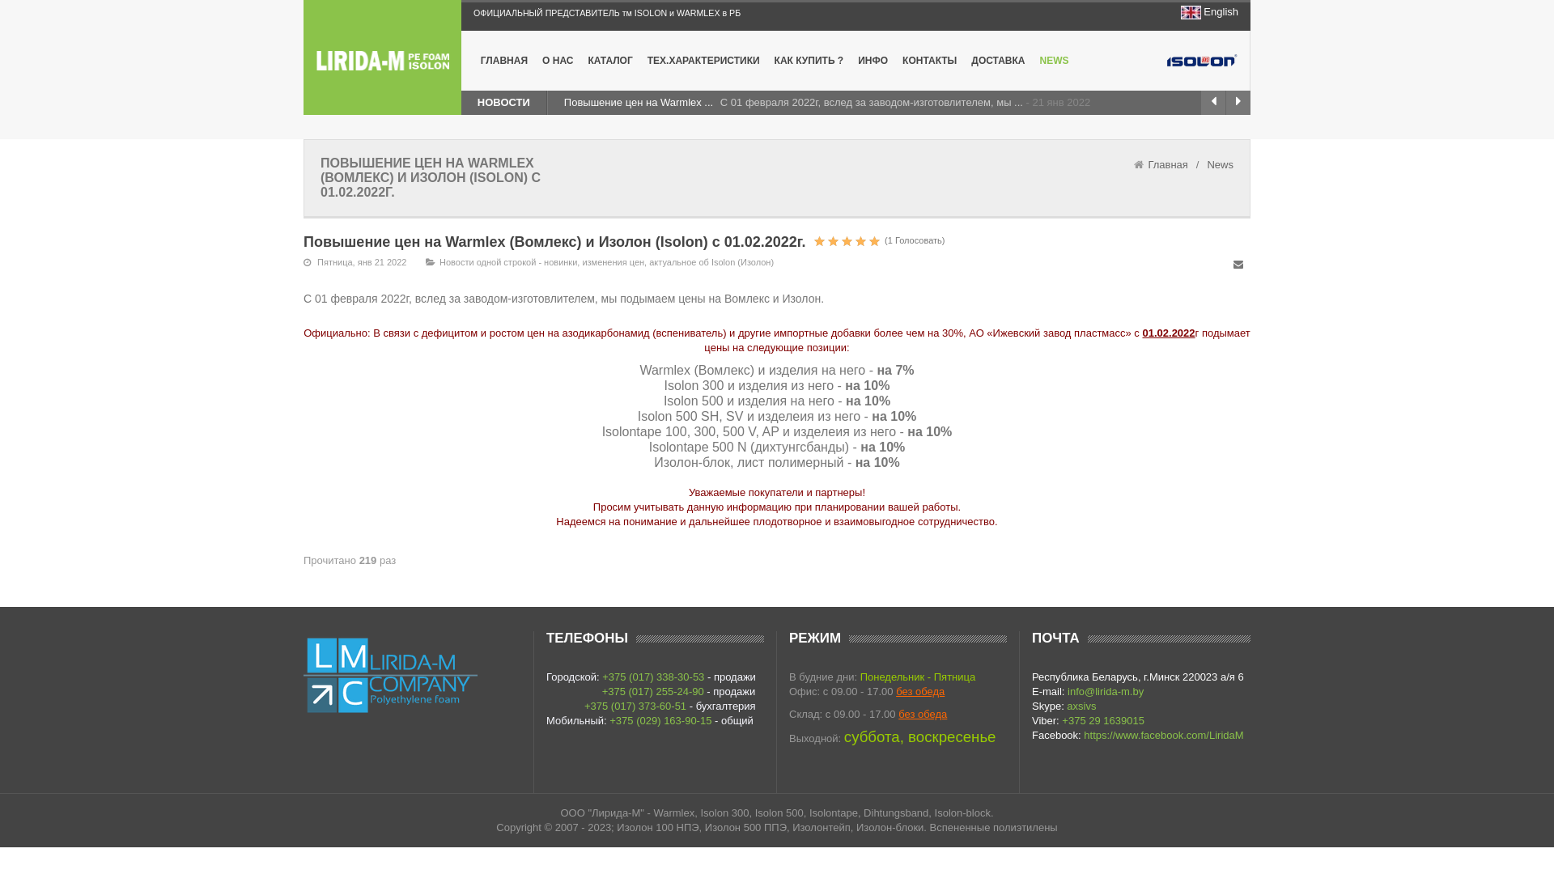 The width and height of the screenshot is (1554, 874). What do you see at coordinates (812, 240) in the screenshot?
I see `'3'` at bounding box center [812, 240].